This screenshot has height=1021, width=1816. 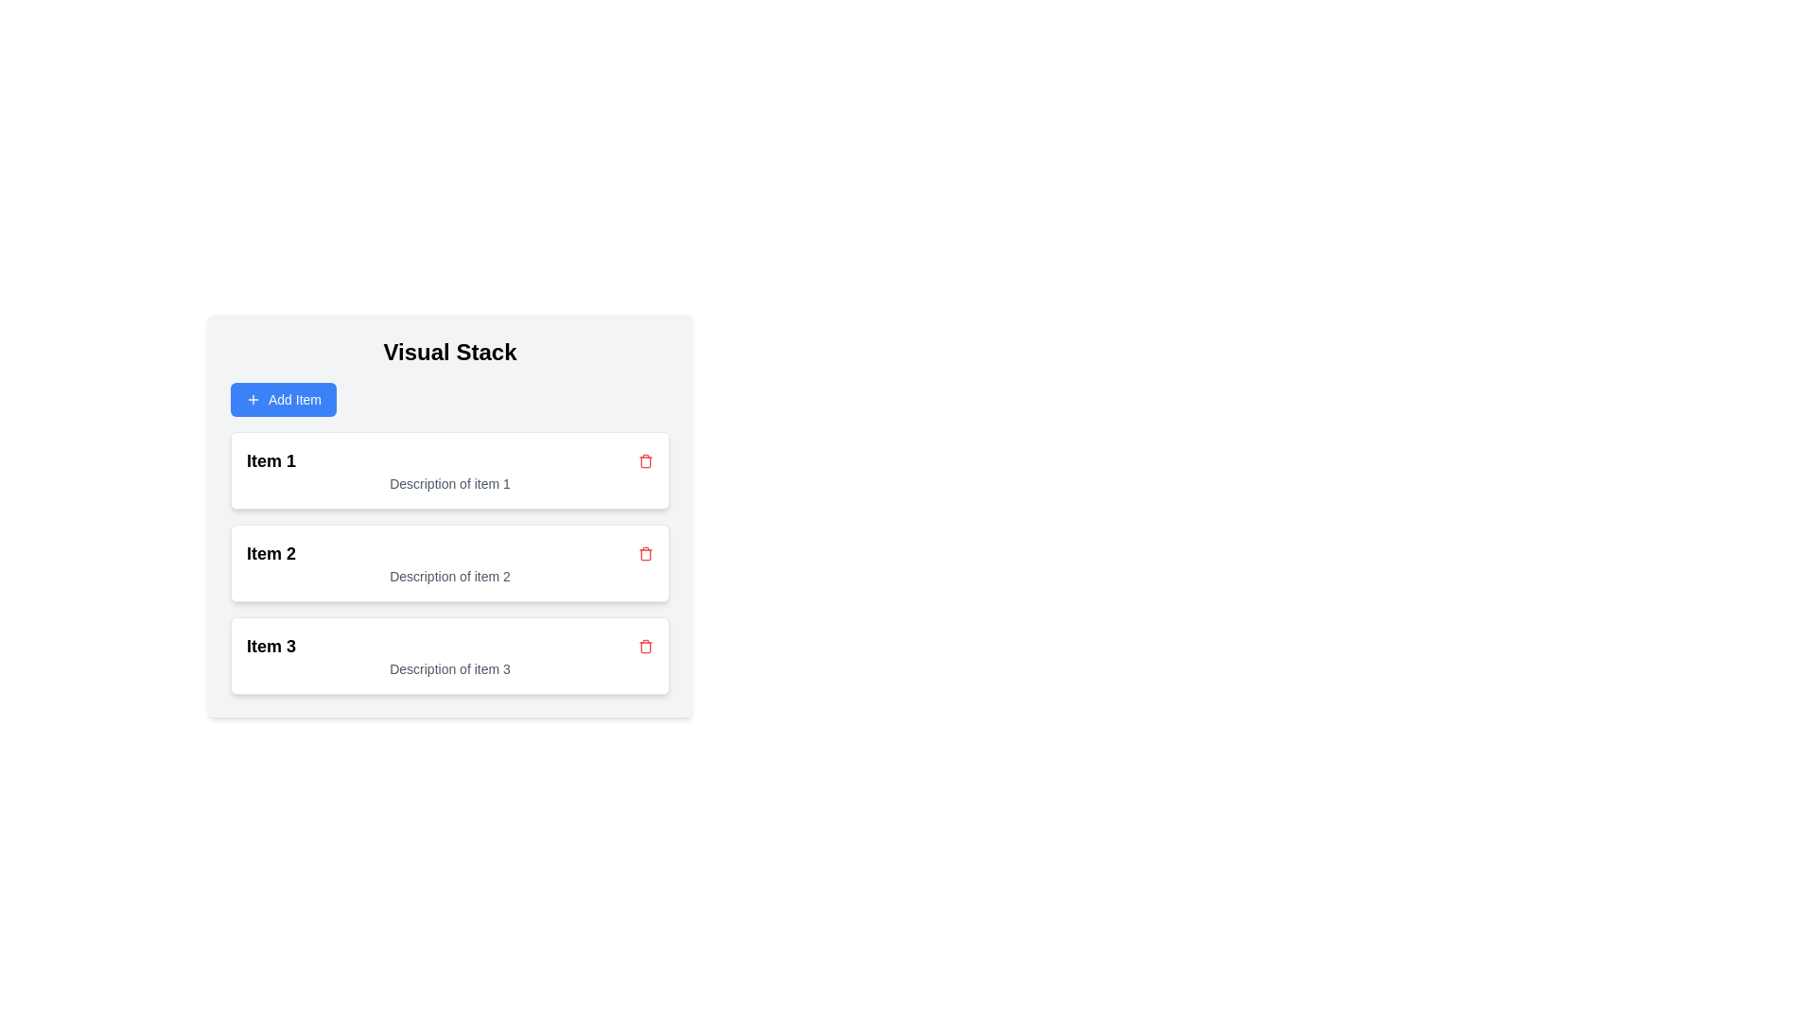 What do you see at coordinates (448, 668) in the screenshot?
I see `the static text displaying 'Description of item 3' in muted gray, located at the bottom of the third card in a stack` at bounding box center [448, 668].